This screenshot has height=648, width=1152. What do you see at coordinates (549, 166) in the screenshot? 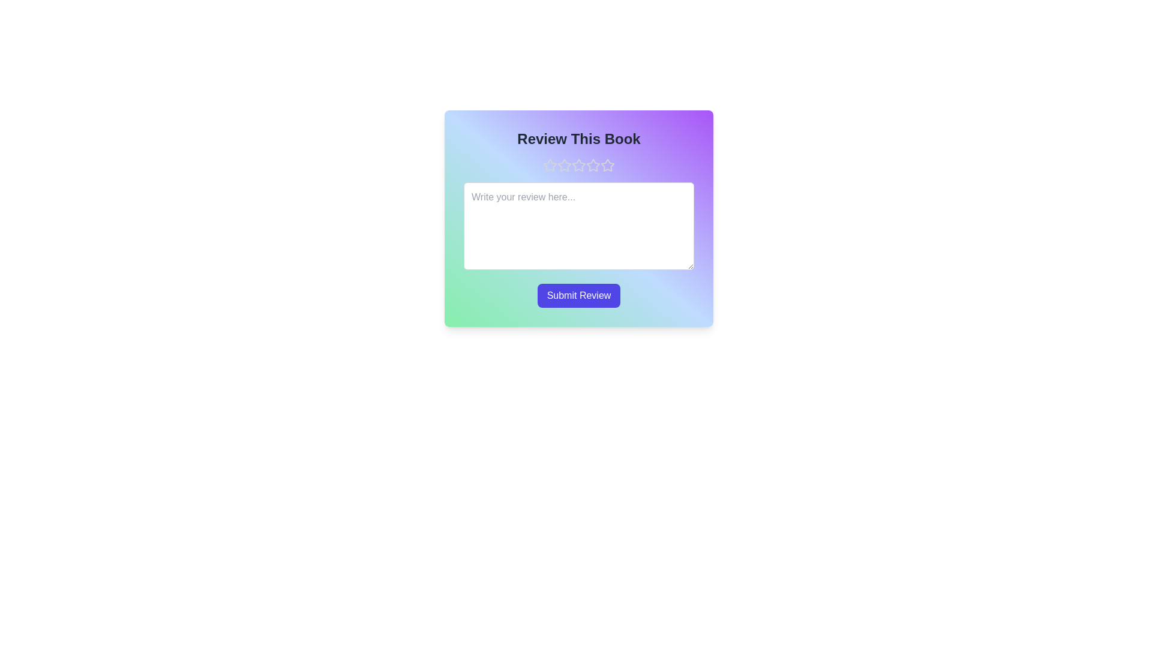
I see `the star corresponding to 1 stars to preview the rating` at bounding box center [549, 166].